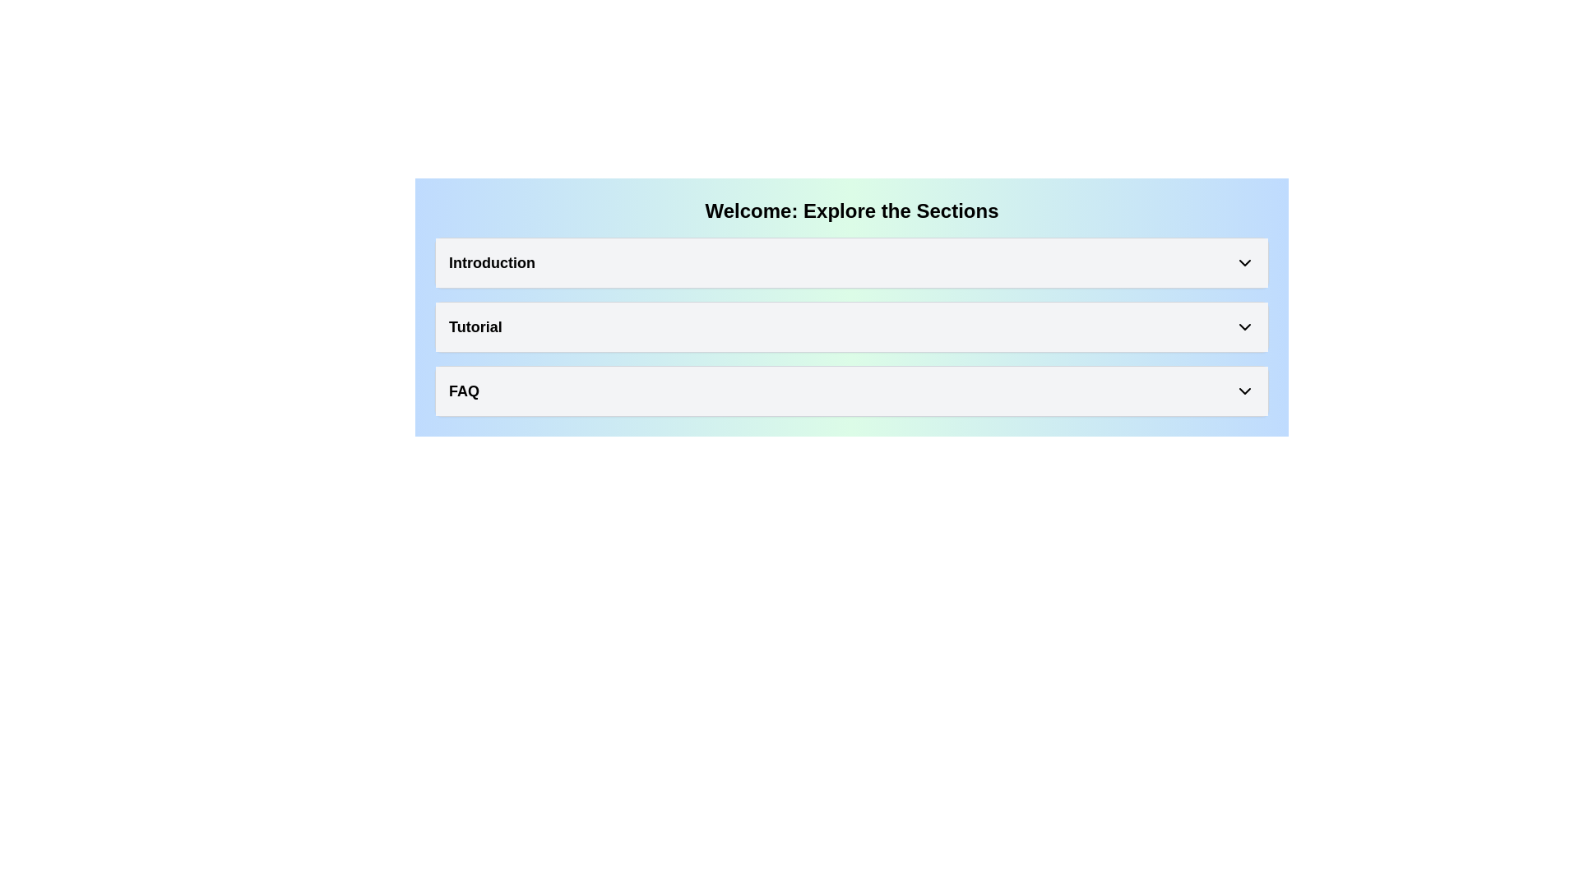  What do you see at coordinates (852, 391) in the screenshot?
I see `the third Collapsible Section Header, which serves as a toggle for additional FAQ content, using keyboard focus` at bounding box center [852, 391].